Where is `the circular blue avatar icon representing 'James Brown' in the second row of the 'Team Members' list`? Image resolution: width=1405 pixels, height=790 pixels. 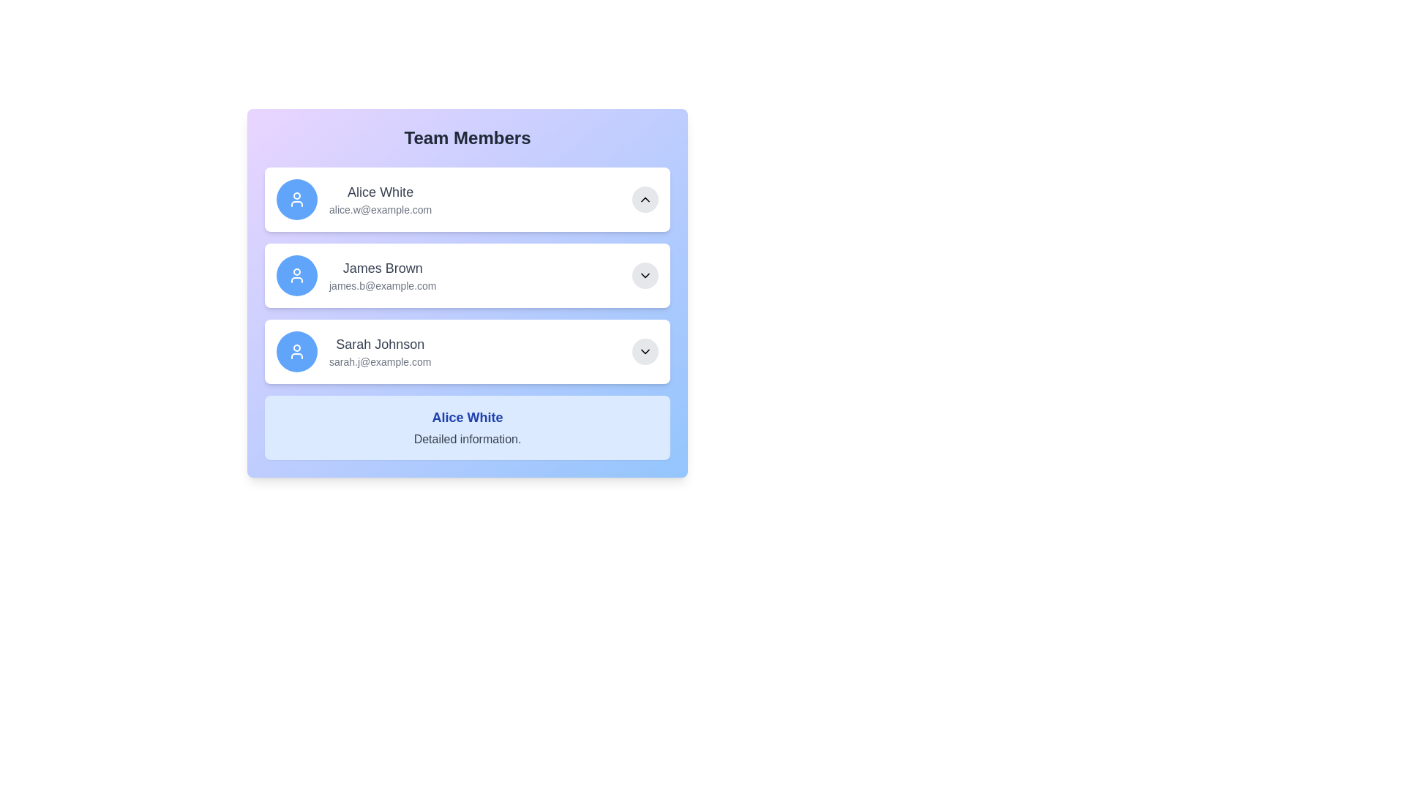
the circular blue avatar icon representing 'James Brown' in the second row of the 'Team Members' list is located at coordinates (296, 276).